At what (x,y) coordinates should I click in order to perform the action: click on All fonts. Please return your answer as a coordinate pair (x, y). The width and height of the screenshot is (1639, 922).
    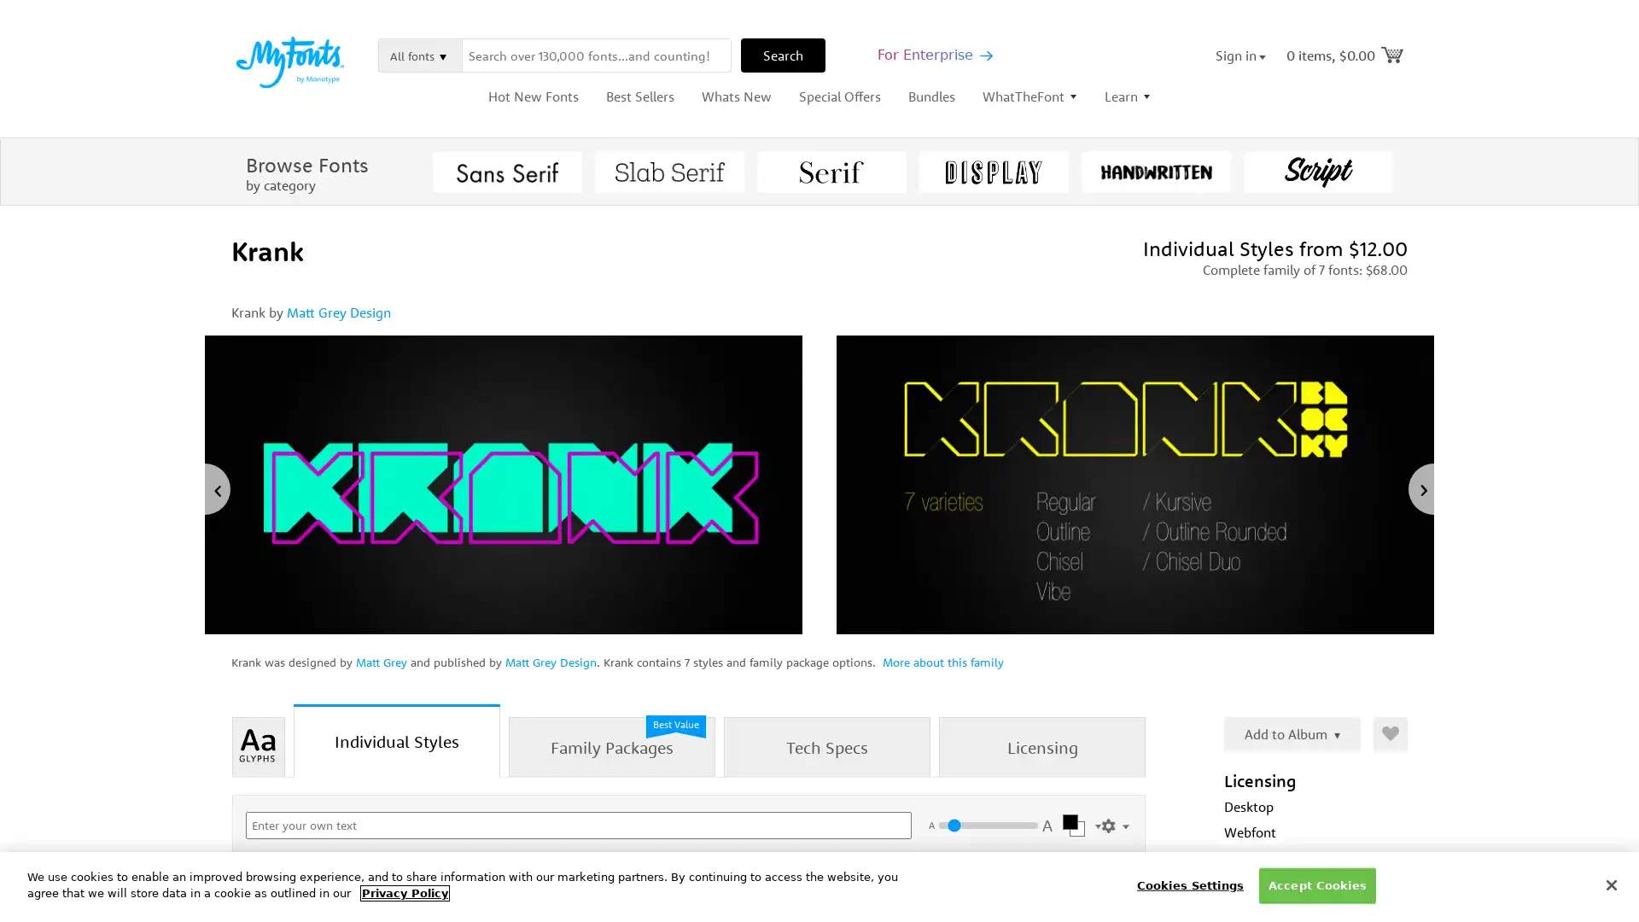
    Looking at the image, I should click on (420, 55).